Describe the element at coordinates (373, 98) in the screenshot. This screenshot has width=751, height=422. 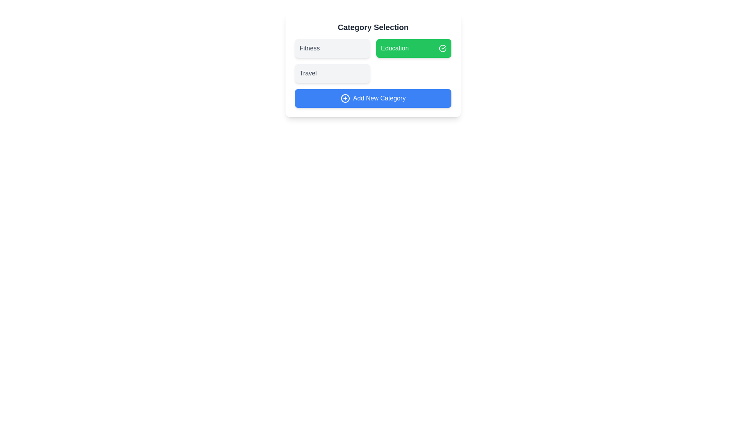
I see `'Add New Category' button to add a new category` at that location.